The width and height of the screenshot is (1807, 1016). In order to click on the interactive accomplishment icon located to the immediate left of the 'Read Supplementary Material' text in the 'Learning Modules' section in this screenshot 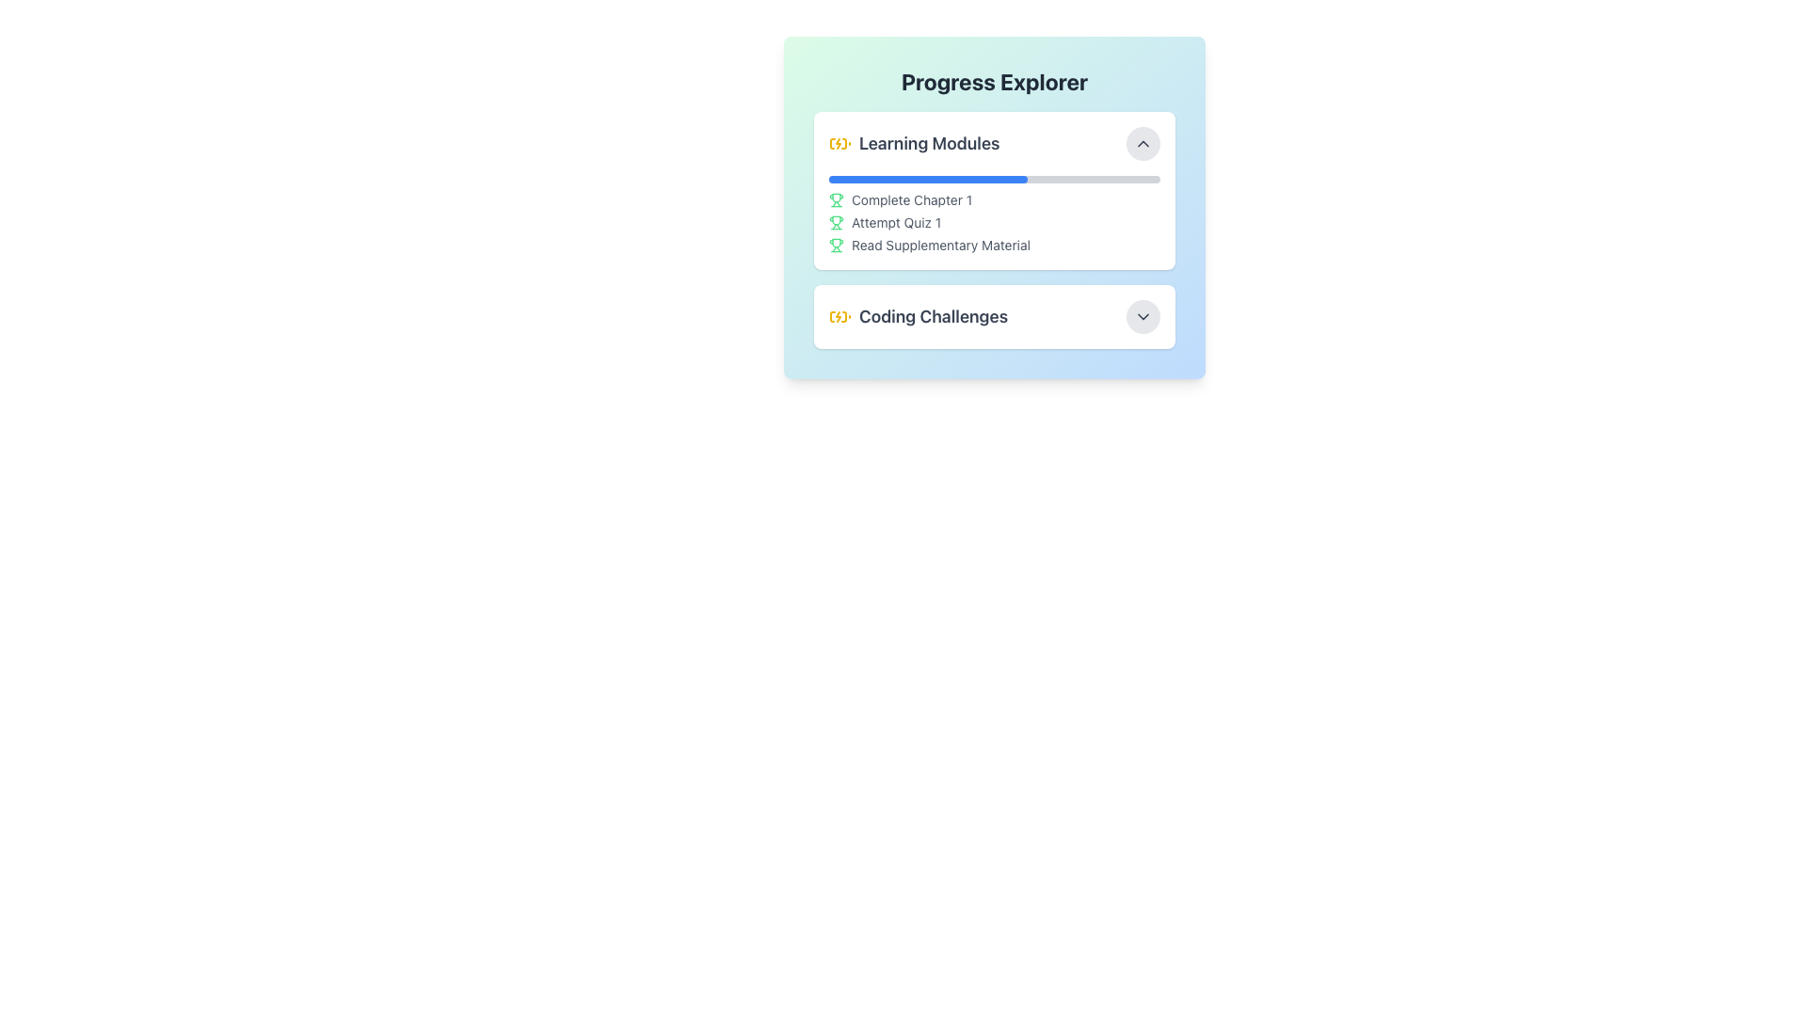, I will do `click(835, 245)`.